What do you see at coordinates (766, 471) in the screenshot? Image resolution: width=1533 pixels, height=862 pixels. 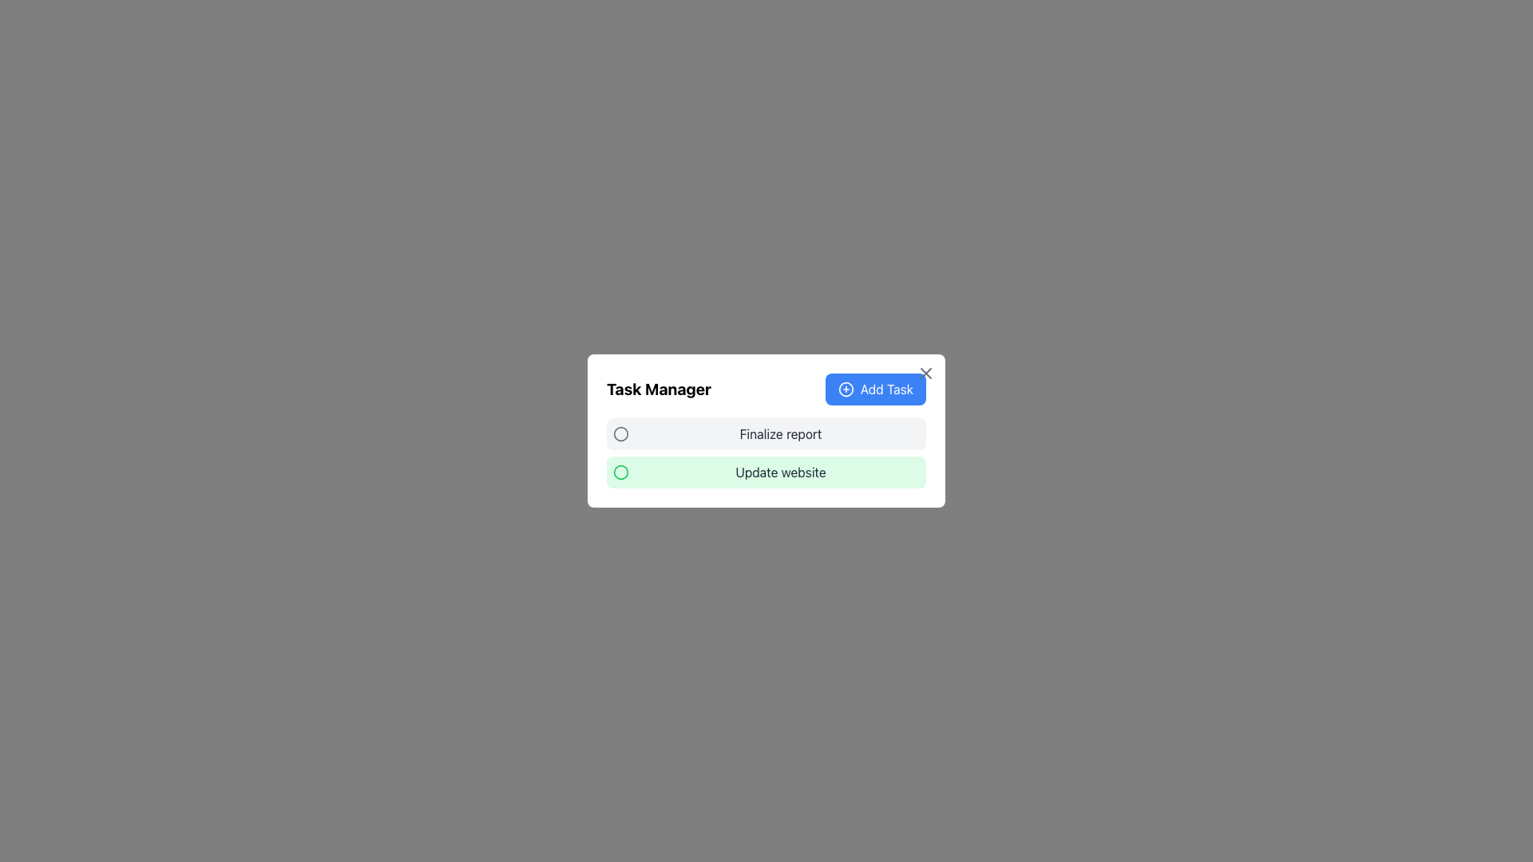 I see `the second list item in the Task Manager section` at bounding box center [766, 471].